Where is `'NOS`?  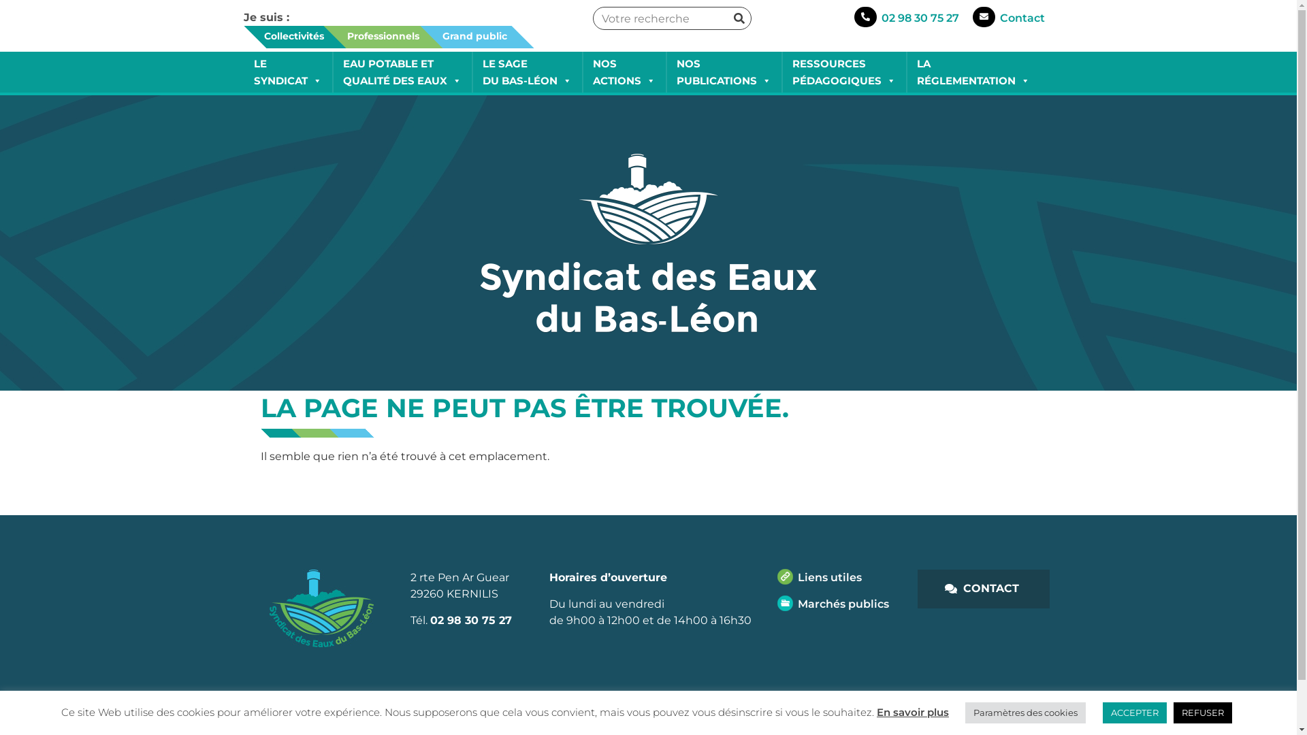
'NOS is located at coordinates (623, 71).